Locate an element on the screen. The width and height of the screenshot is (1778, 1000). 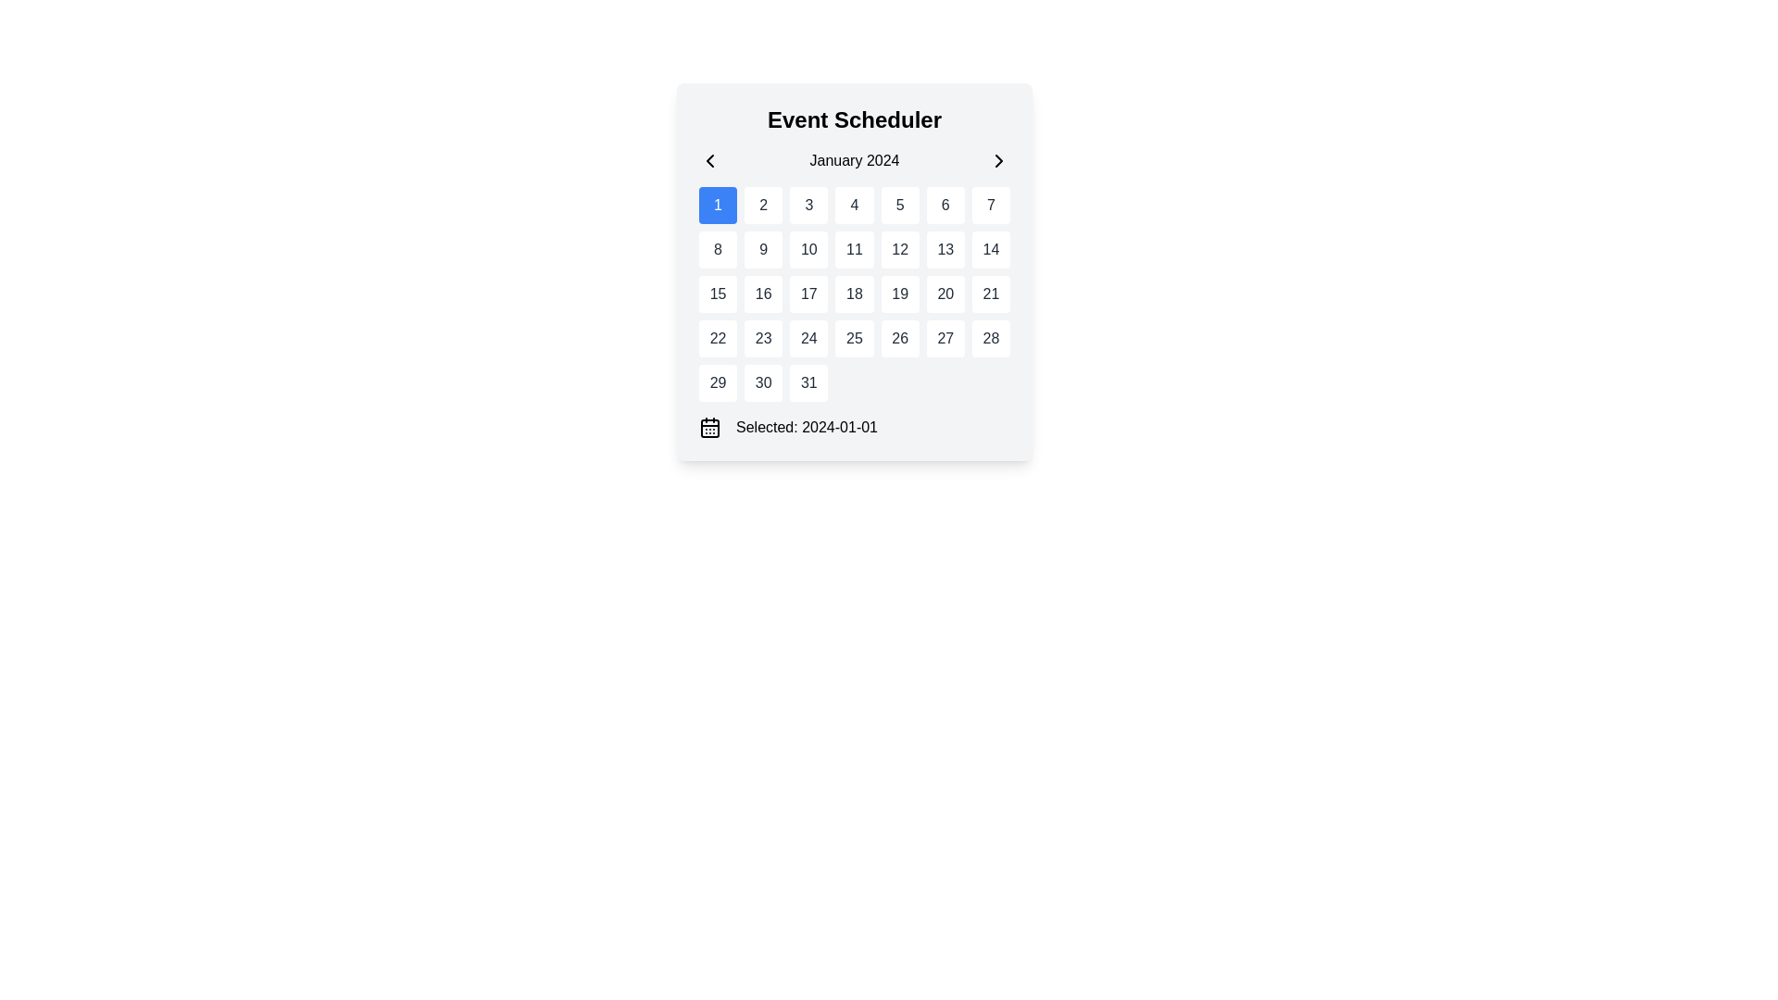
the white square button labeled '24' located in the fourth row and third column of the grid is located at coordinates (808, 339).